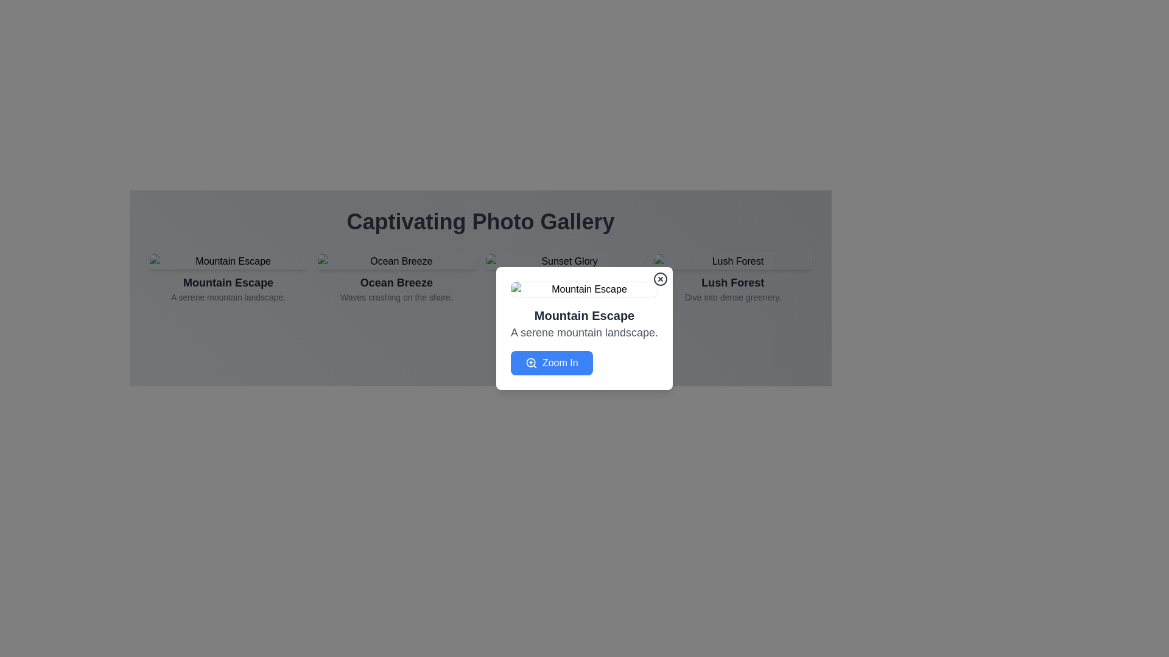 This screenshot has width=1169, height=657. Describe the element at coordinates (732, 288) in the screenshot. I see `information presented in the 'Lush Forest' text block located at the top-right corner of the layout` at that location.